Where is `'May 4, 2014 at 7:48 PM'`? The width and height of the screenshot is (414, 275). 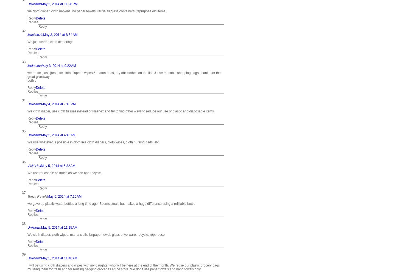
'May 4, 2014 at 7:48 PM' is located at coordinates (58, 104).